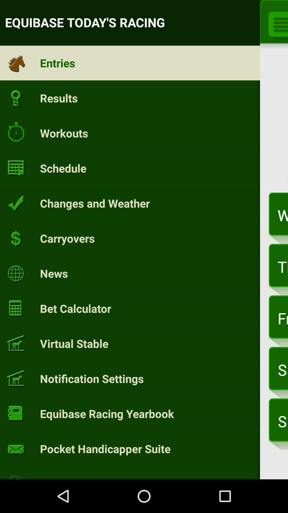 The image size is (288, 513). I want to click on app above the wednesday, mar 29 icon, so click(287, 120).